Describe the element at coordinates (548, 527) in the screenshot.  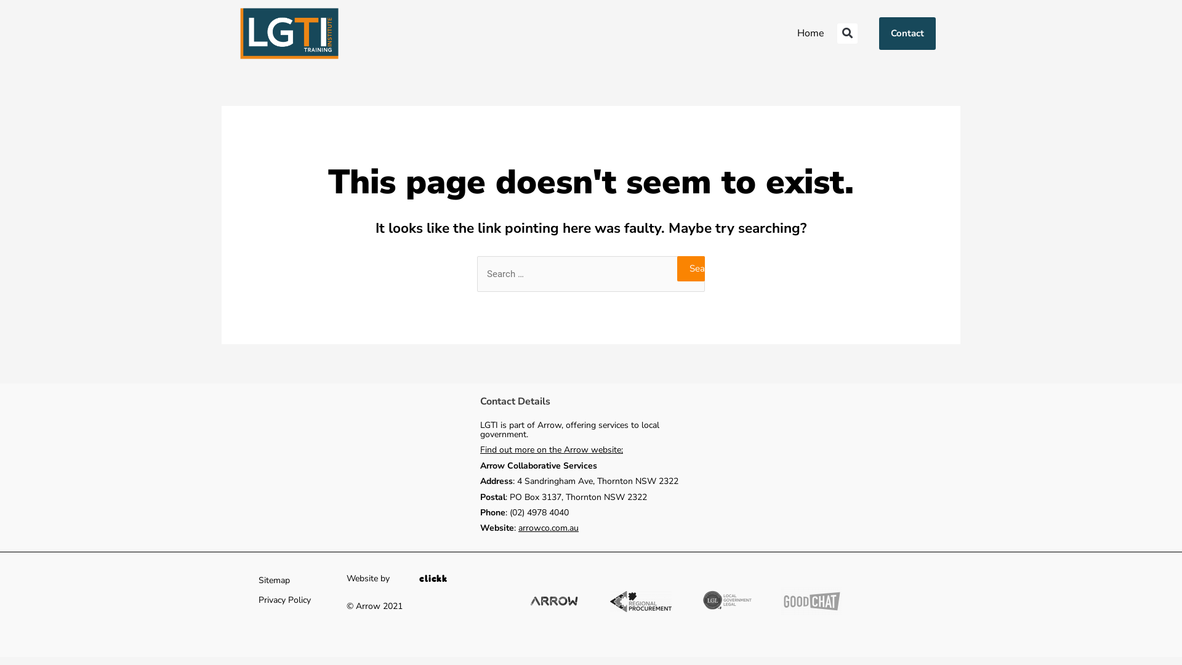
I see `'arrowco.com.au'` at that location.